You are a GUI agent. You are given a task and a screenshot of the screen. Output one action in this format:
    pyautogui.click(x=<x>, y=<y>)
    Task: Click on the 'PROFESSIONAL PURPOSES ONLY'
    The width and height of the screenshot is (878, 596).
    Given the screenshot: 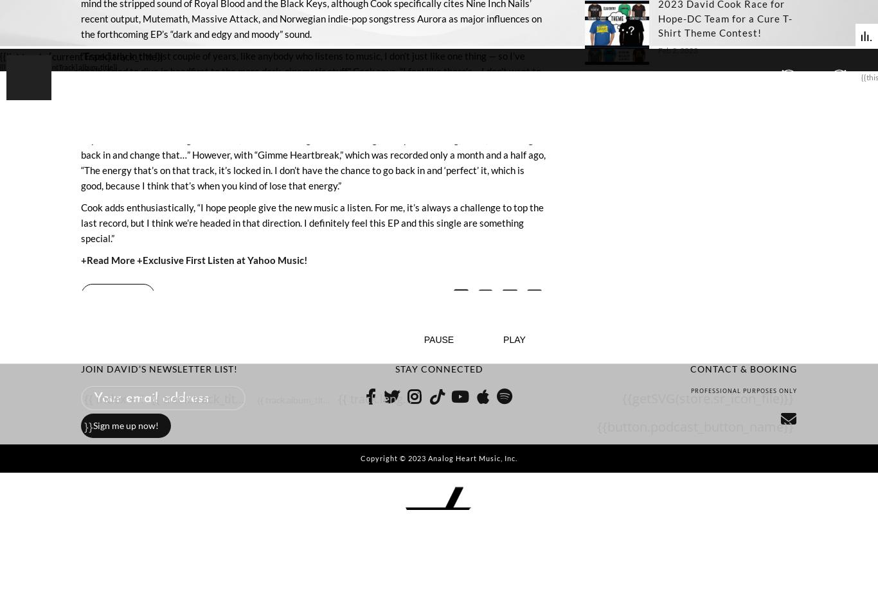 What is the action you would take?
    pyautogui.click(x=744, y=390)
    